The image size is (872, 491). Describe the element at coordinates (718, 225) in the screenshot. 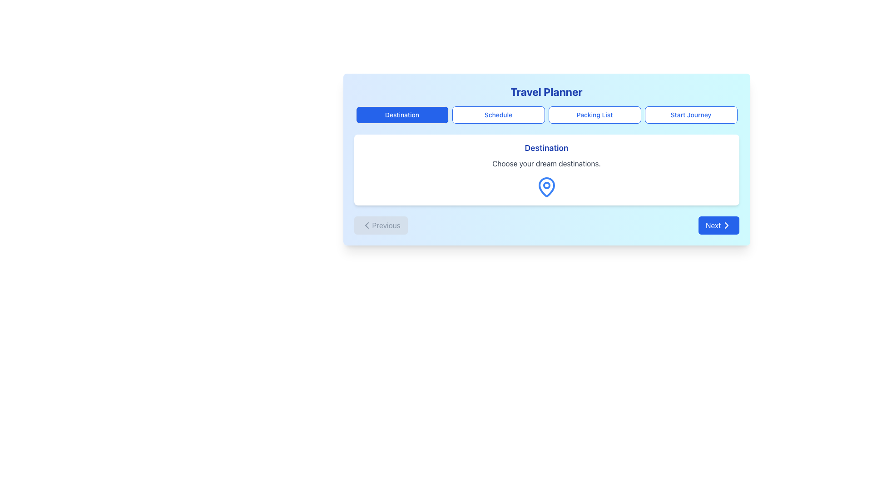

I see `the 'Next' button located at the bottom-right corner of the card interface to proceed` at that location.